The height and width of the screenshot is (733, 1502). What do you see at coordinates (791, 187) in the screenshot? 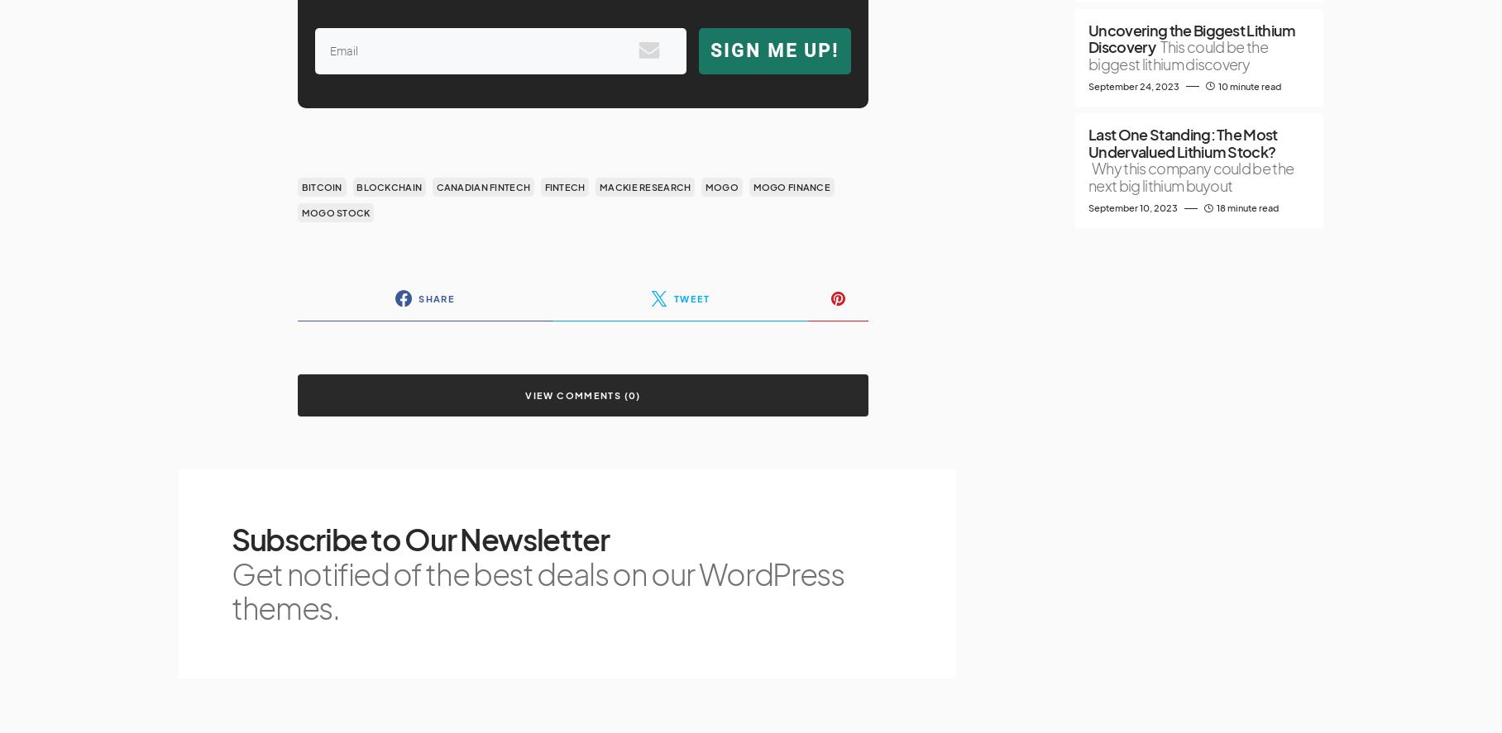
I see `'mogo finance'` at bounding box center [791, 187].